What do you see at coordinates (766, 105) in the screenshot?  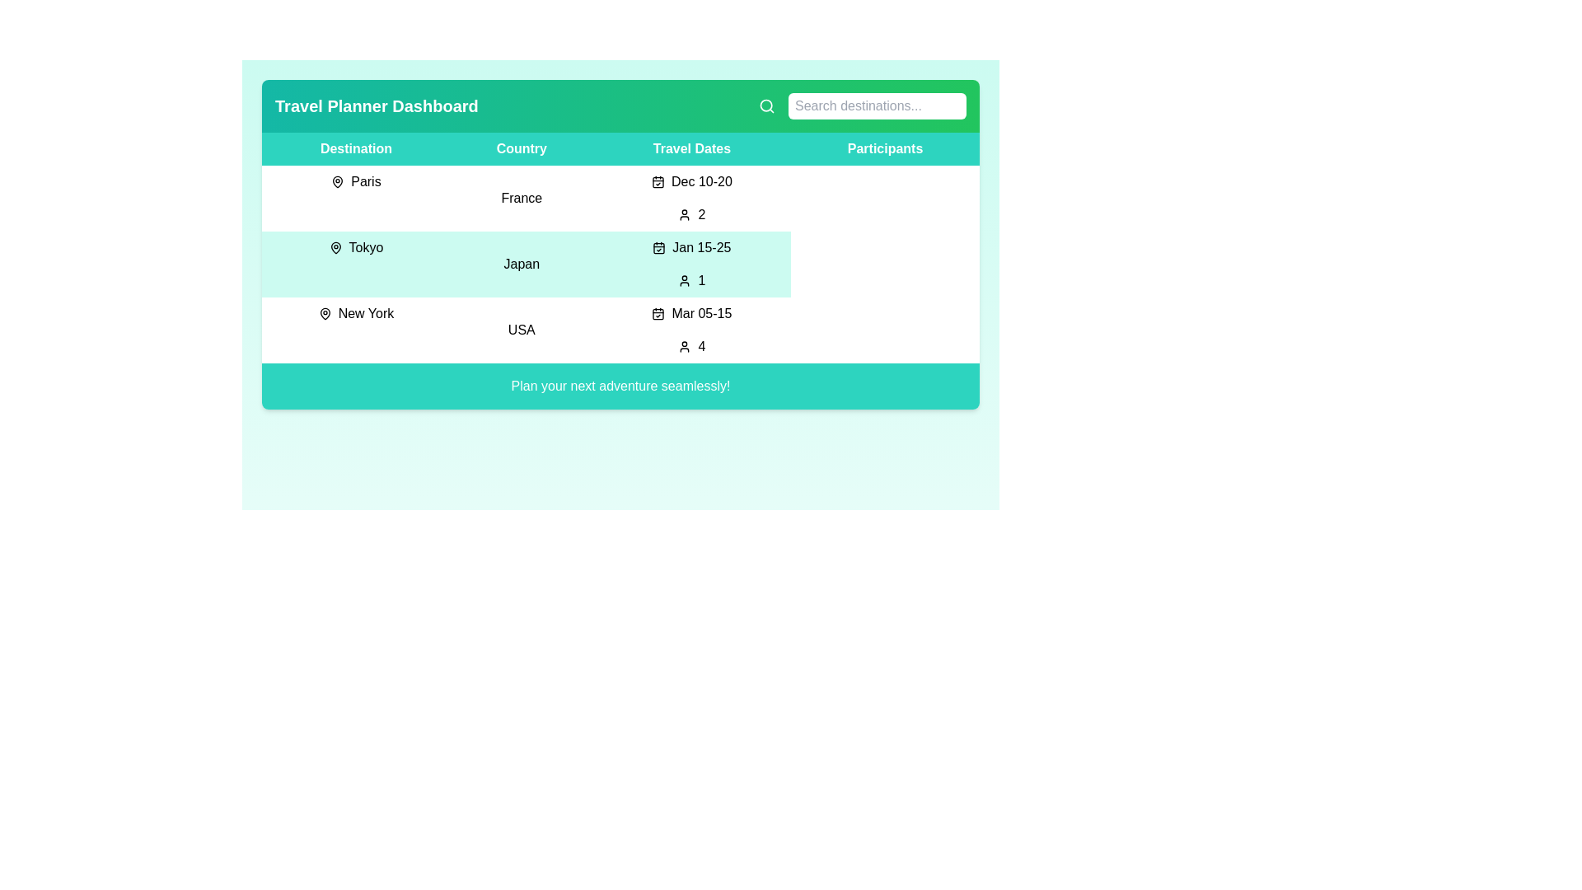 I see `the search icon located at the far left of the header bar` at bounding box center [766, 105].